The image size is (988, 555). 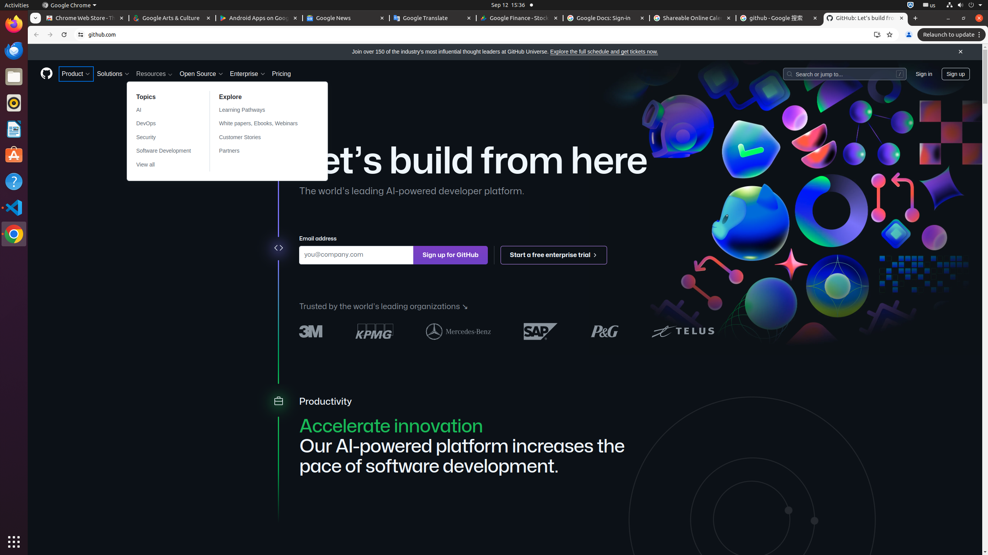 I want to click on 'Search or jump to…', so click(x=844, y=74).